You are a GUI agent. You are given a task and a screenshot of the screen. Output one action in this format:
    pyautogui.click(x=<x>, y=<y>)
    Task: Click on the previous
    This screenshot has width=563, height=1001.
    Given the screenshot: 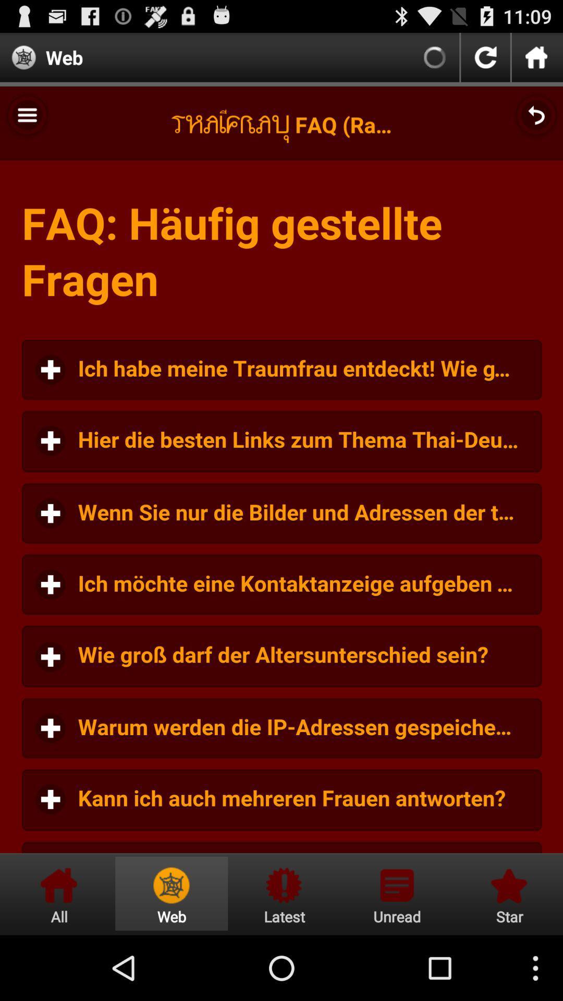 What is the action you would take?
    pyautogui.click(x=485, y=57)
    